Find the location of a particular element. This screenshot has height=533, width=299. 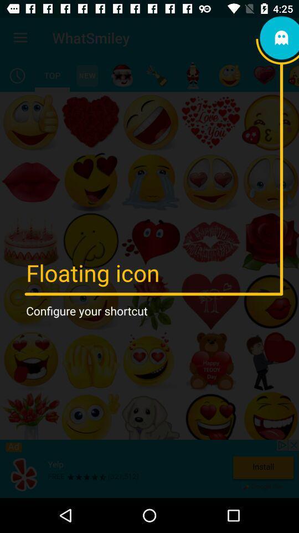

new emojis option button is located at coordinates (86, 75).